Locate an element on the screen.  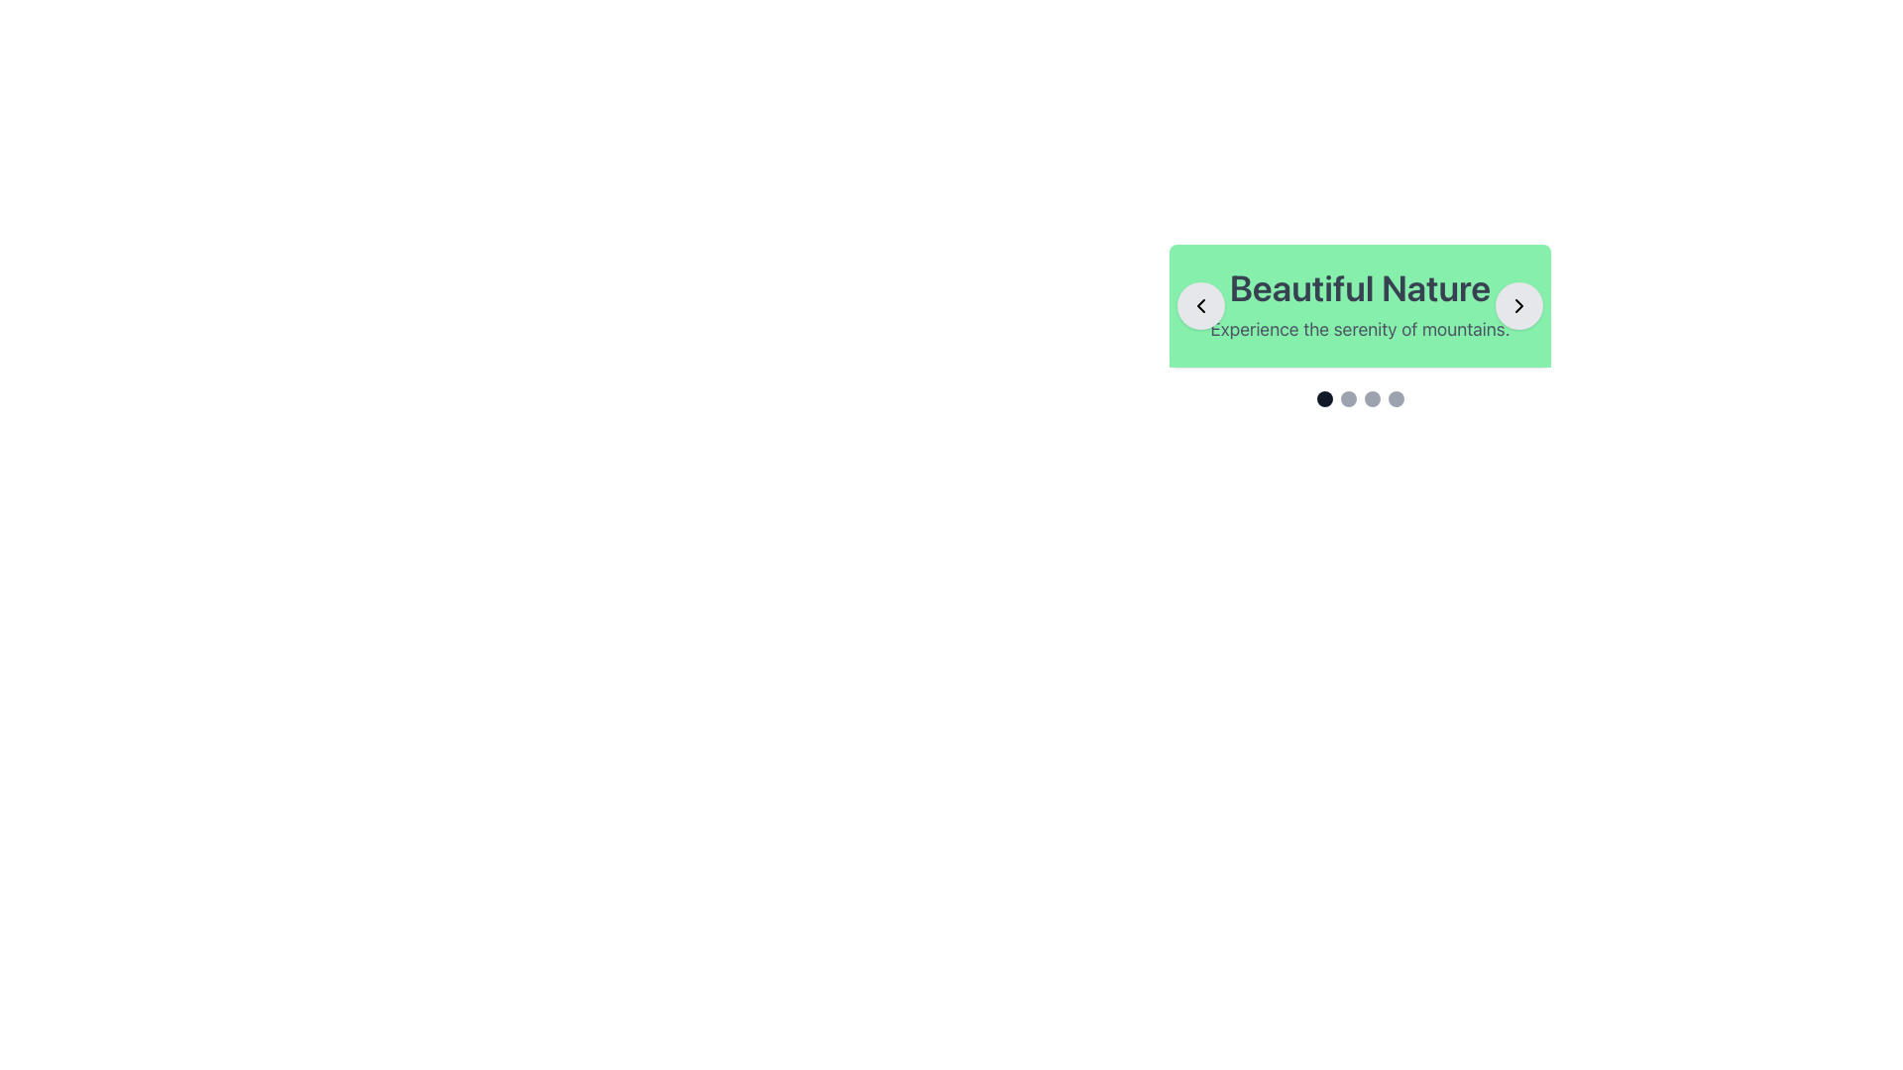
the label displaying the text 'Experience the serenity of mountains.', which is positioned below 'Beautiful Nature' within a green background box is located at coordinates (1359, 328).